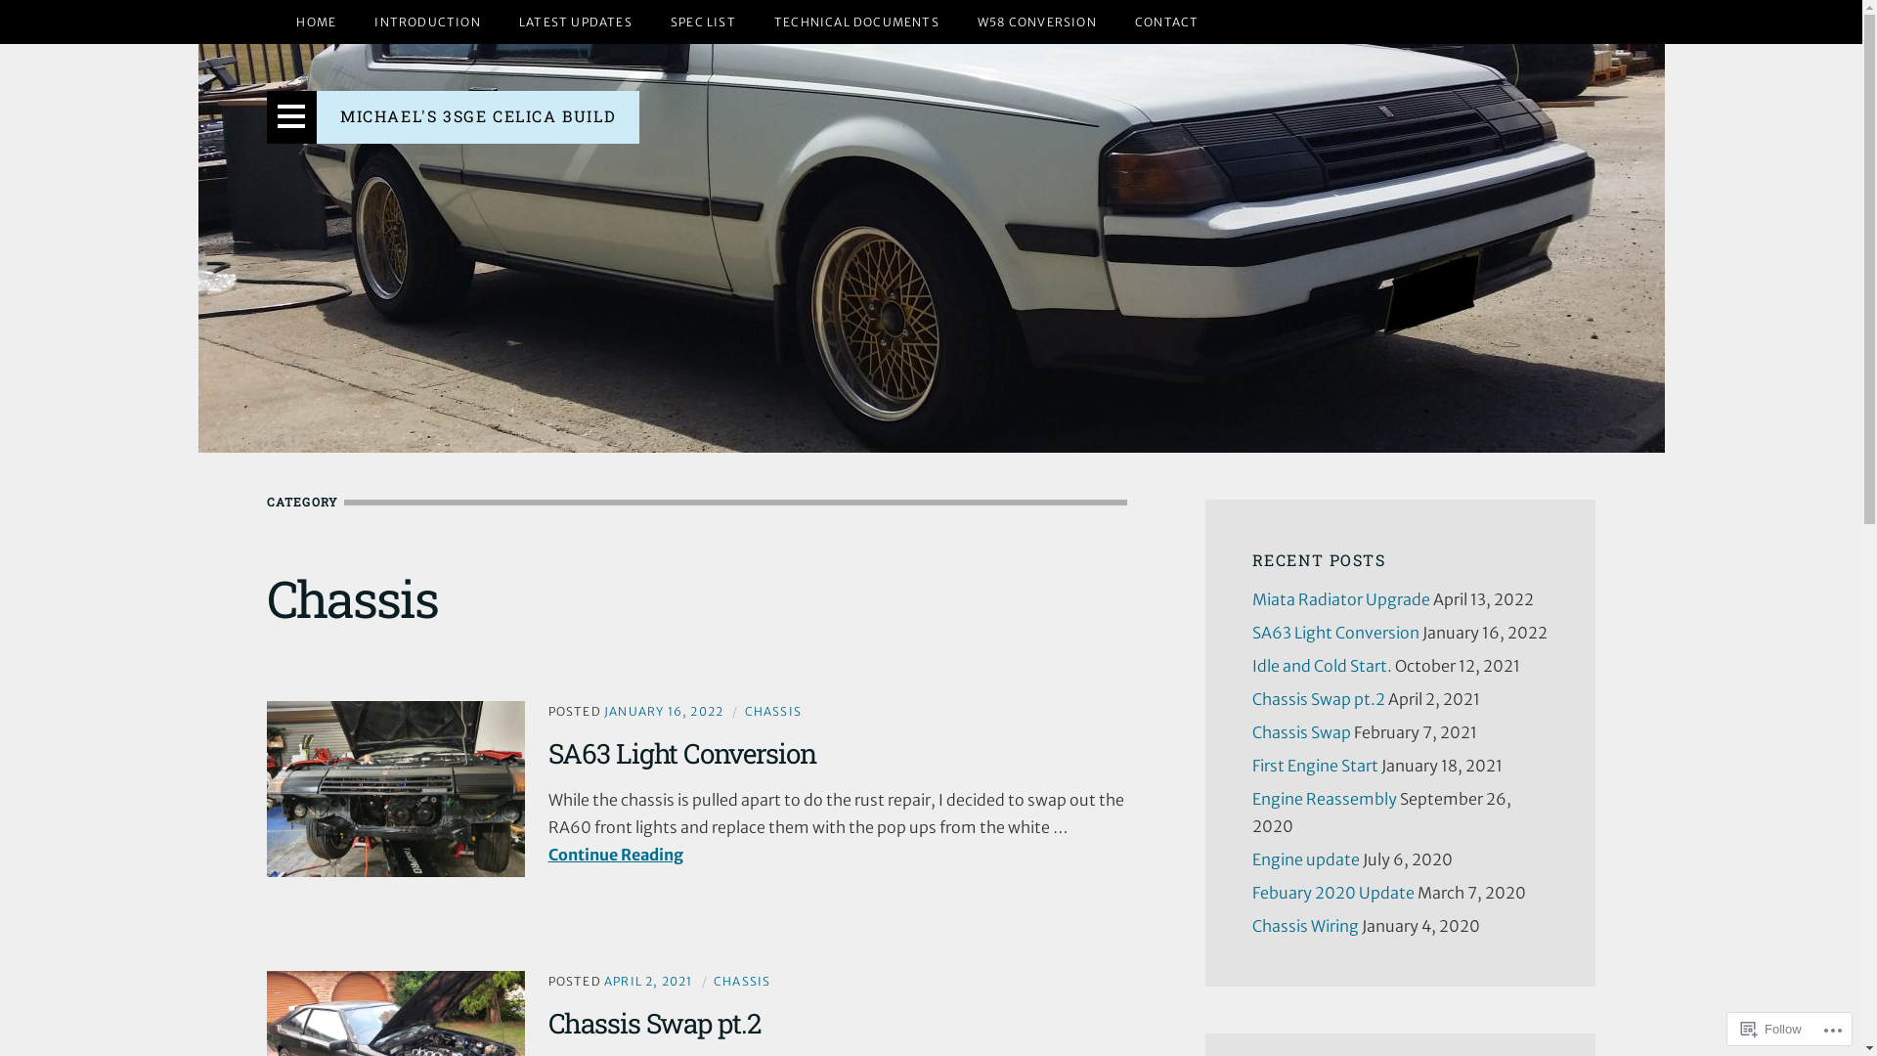 This screenshot has width=1877, height=1056. What do you see at coordinates (1251, 665) in the screenshot?
I see `'Idle and Cold Start.'` at bounding box center [1251, 665].